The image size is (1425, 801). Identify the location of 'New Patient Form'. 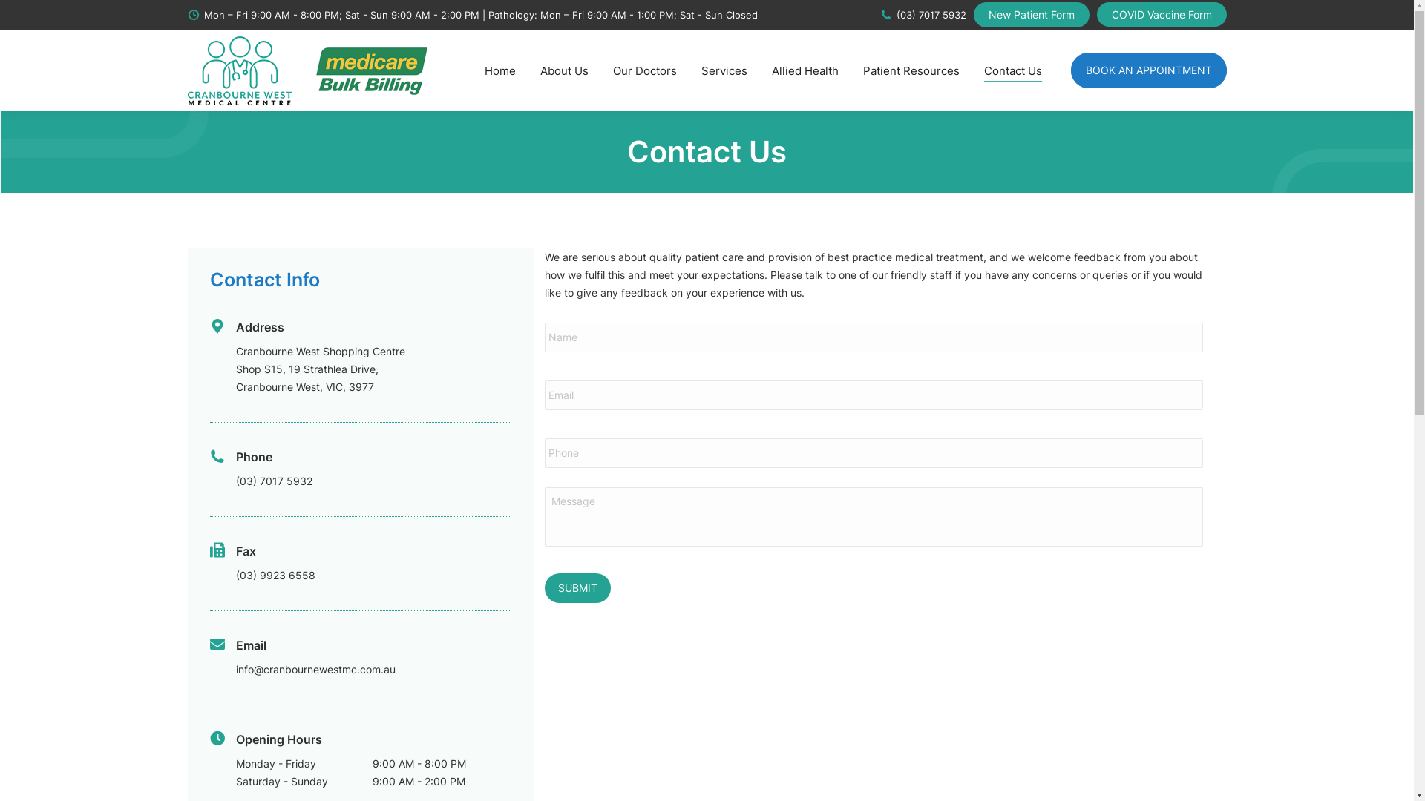
(1031, 14).